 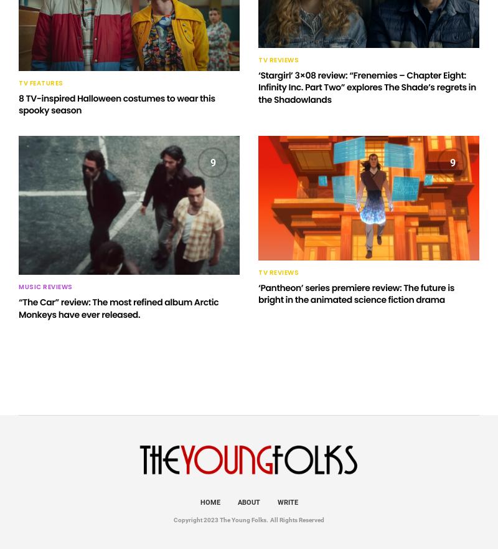 I want to click on '“The Car” review: The most refined album Arctic Monkeys have ever released.', so click(x=118, y=308).